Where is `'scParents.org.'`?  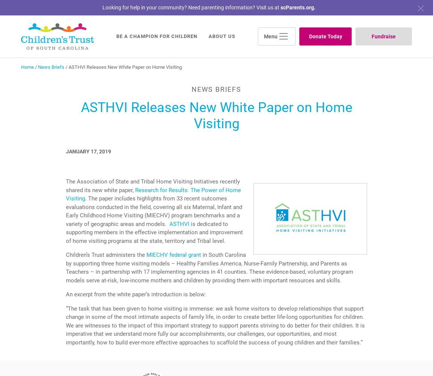
'scParents.org.' is located at coordinates (297, 8).